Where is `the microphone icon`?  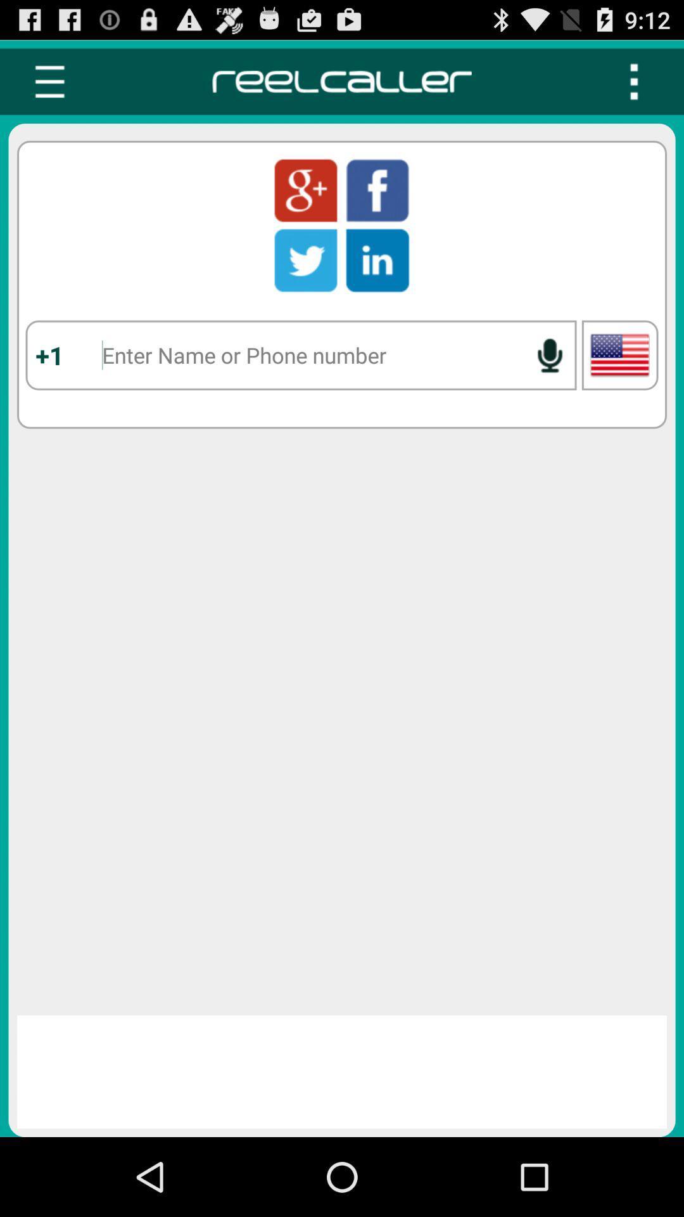
the microphone icon is located at coordinates (549, 380).